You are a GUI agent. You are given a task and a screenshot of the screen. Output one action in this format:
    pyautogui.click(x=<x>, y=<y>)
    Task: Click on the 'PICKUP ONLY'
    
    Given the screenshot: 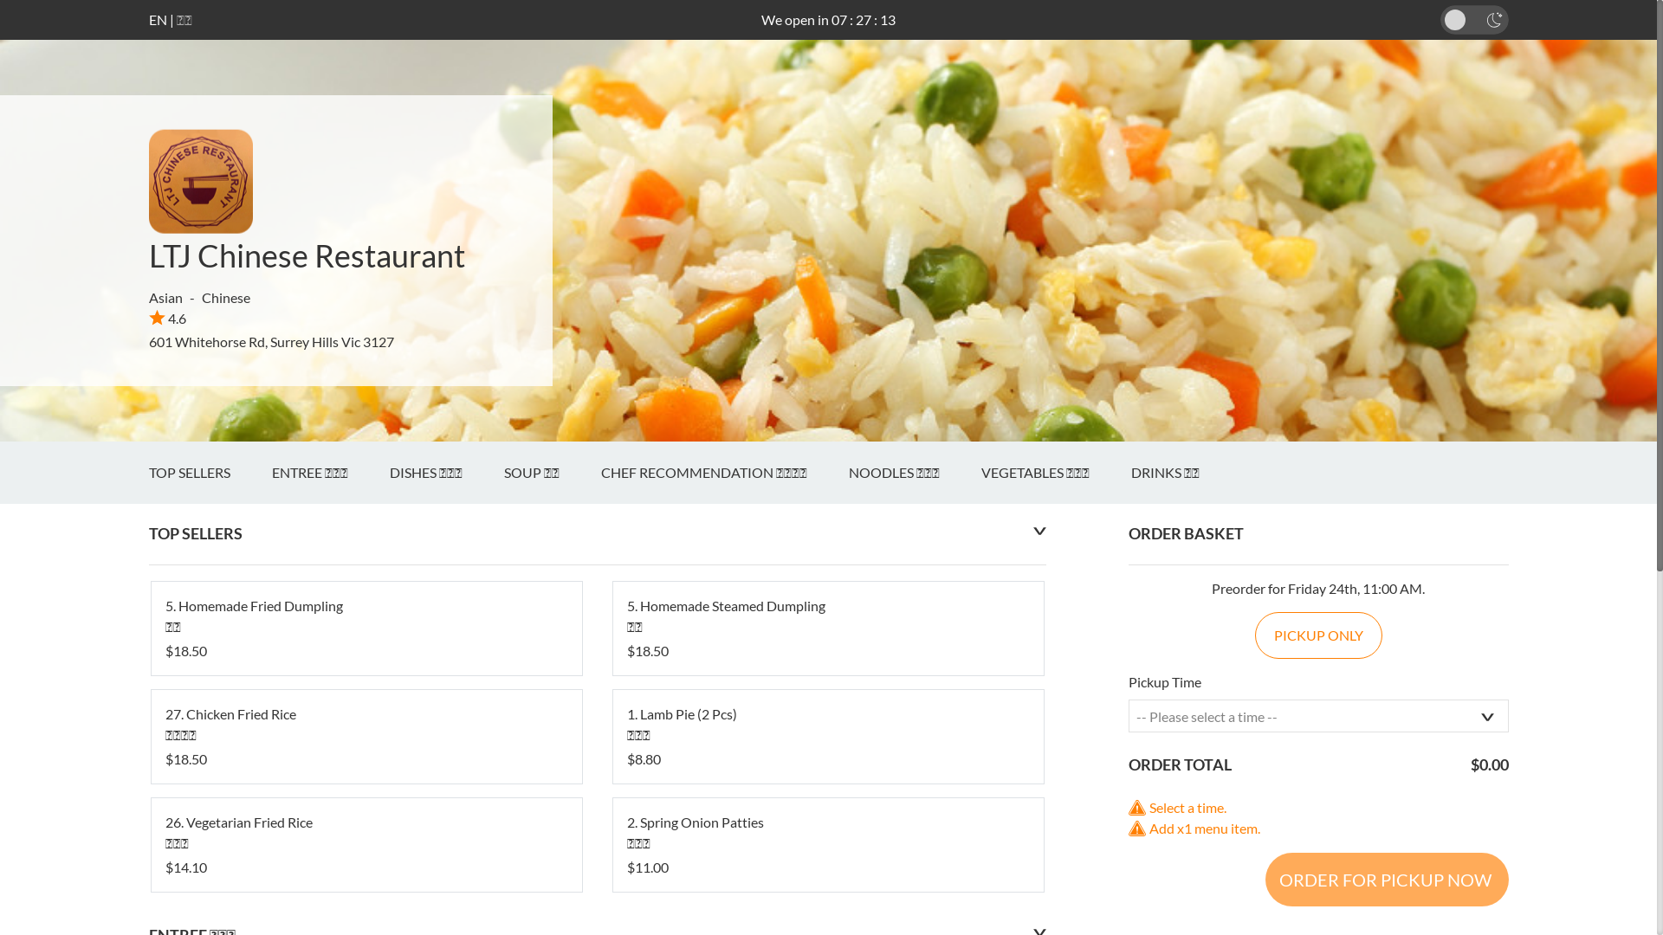 What is the action you would take?
    pyautogui.click(x=1317, y=635)
    